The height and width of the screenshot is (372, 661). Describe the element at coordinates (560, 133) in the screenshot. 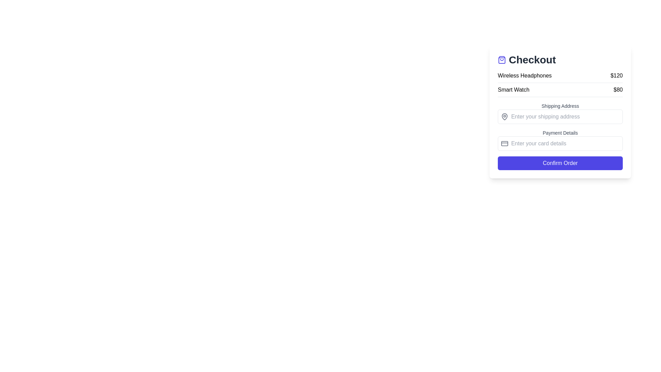

I see `the label indicating payment details in the checkout card, which is positioned above the input field with a card icon placeholder` at that location.